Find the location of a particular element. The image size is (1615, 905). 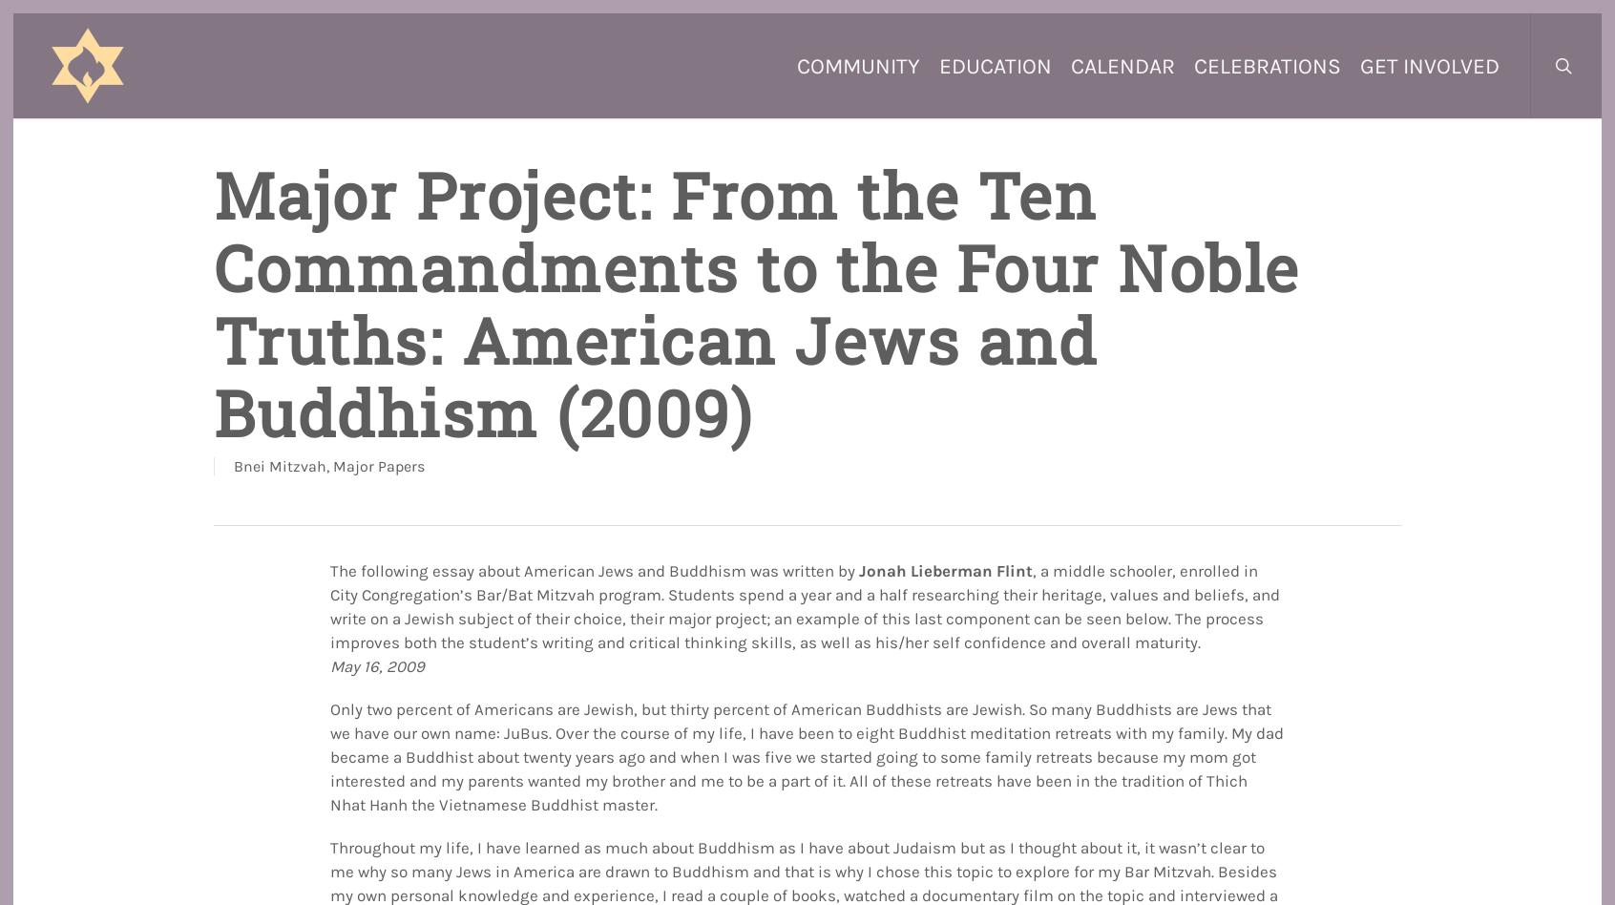

'Jonah Lieberman Flint' is located at coordinates (945, 569).